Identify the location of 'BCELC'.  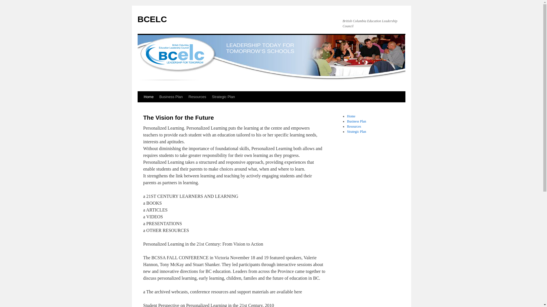
(152, 19).